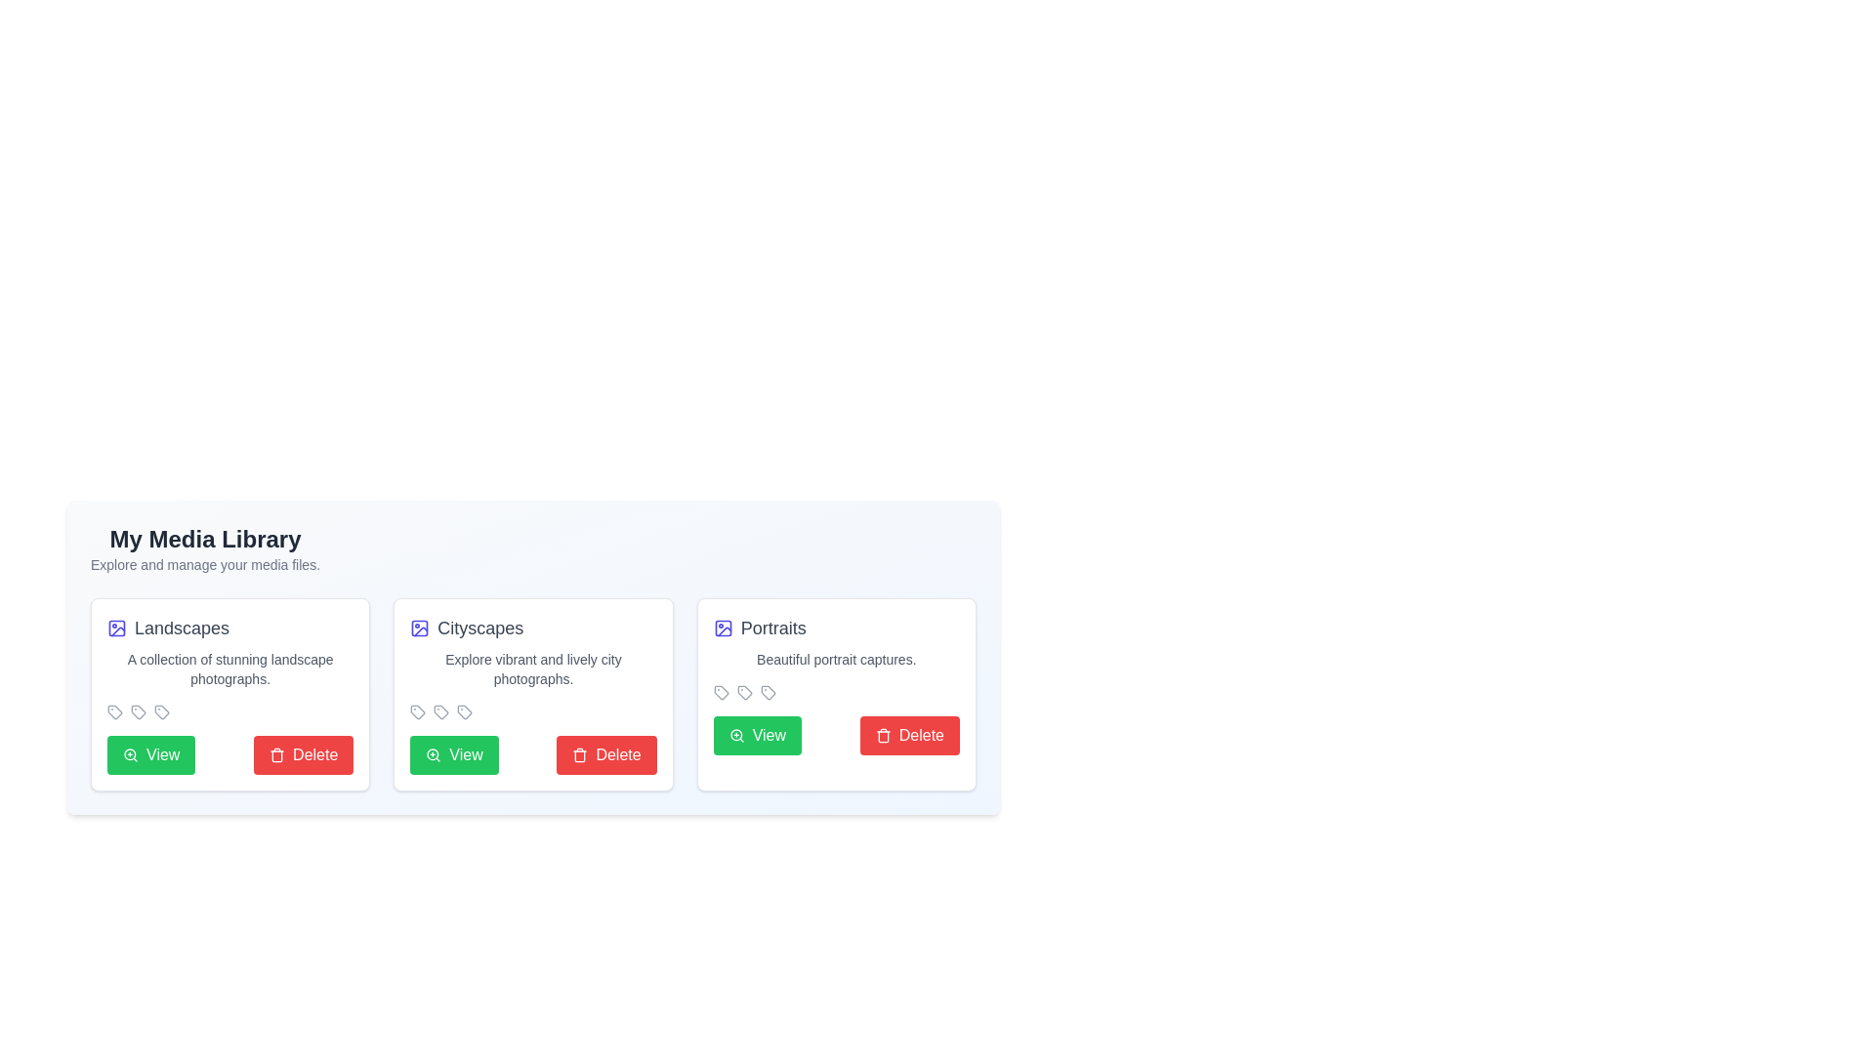  I want to click on text label 'Portraits' which is a medium-sized dark gray label located in the top part of the rightmost card, aligned with an image icon on its left, so click(772, 628).